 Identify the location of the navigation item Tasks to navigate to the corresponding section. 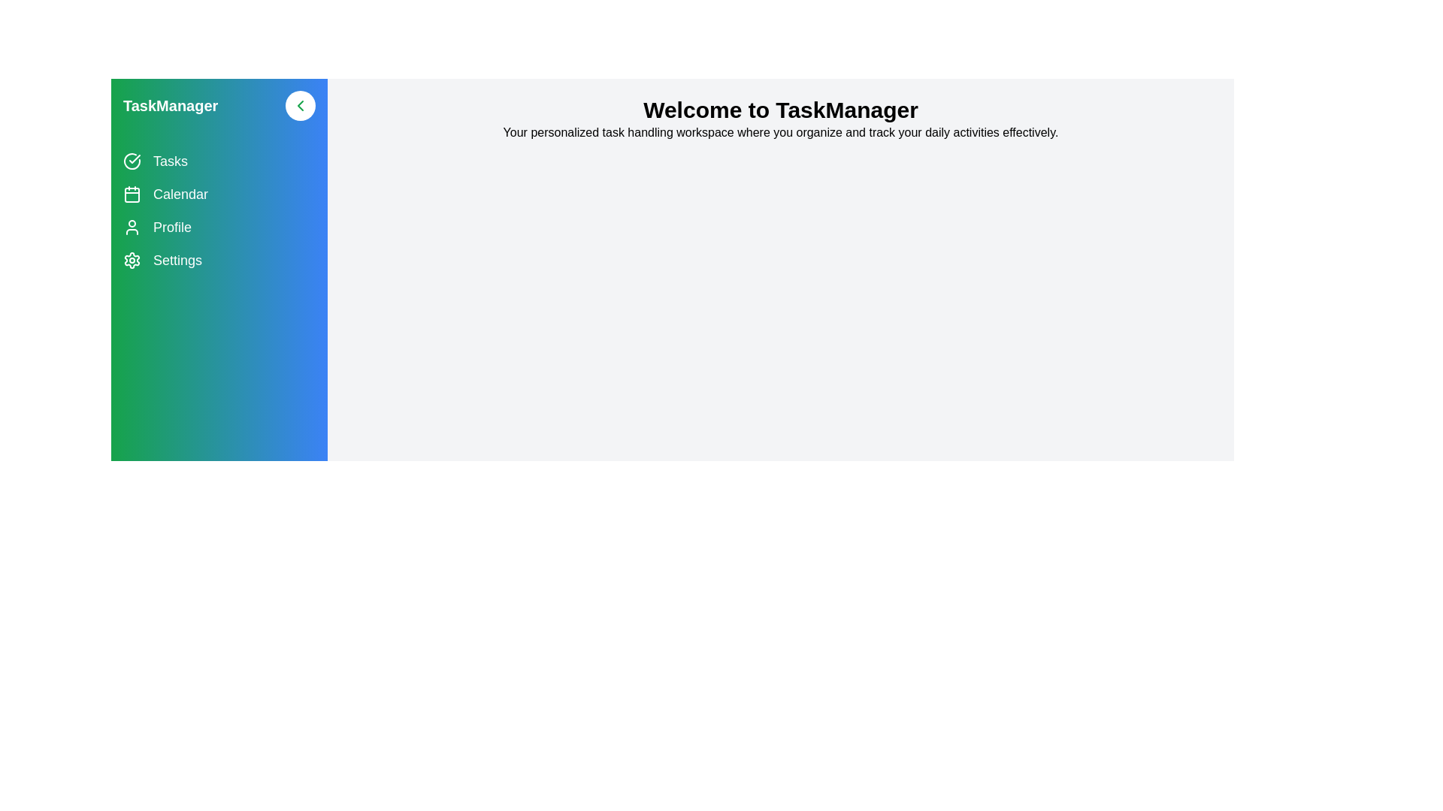
(219, 161).